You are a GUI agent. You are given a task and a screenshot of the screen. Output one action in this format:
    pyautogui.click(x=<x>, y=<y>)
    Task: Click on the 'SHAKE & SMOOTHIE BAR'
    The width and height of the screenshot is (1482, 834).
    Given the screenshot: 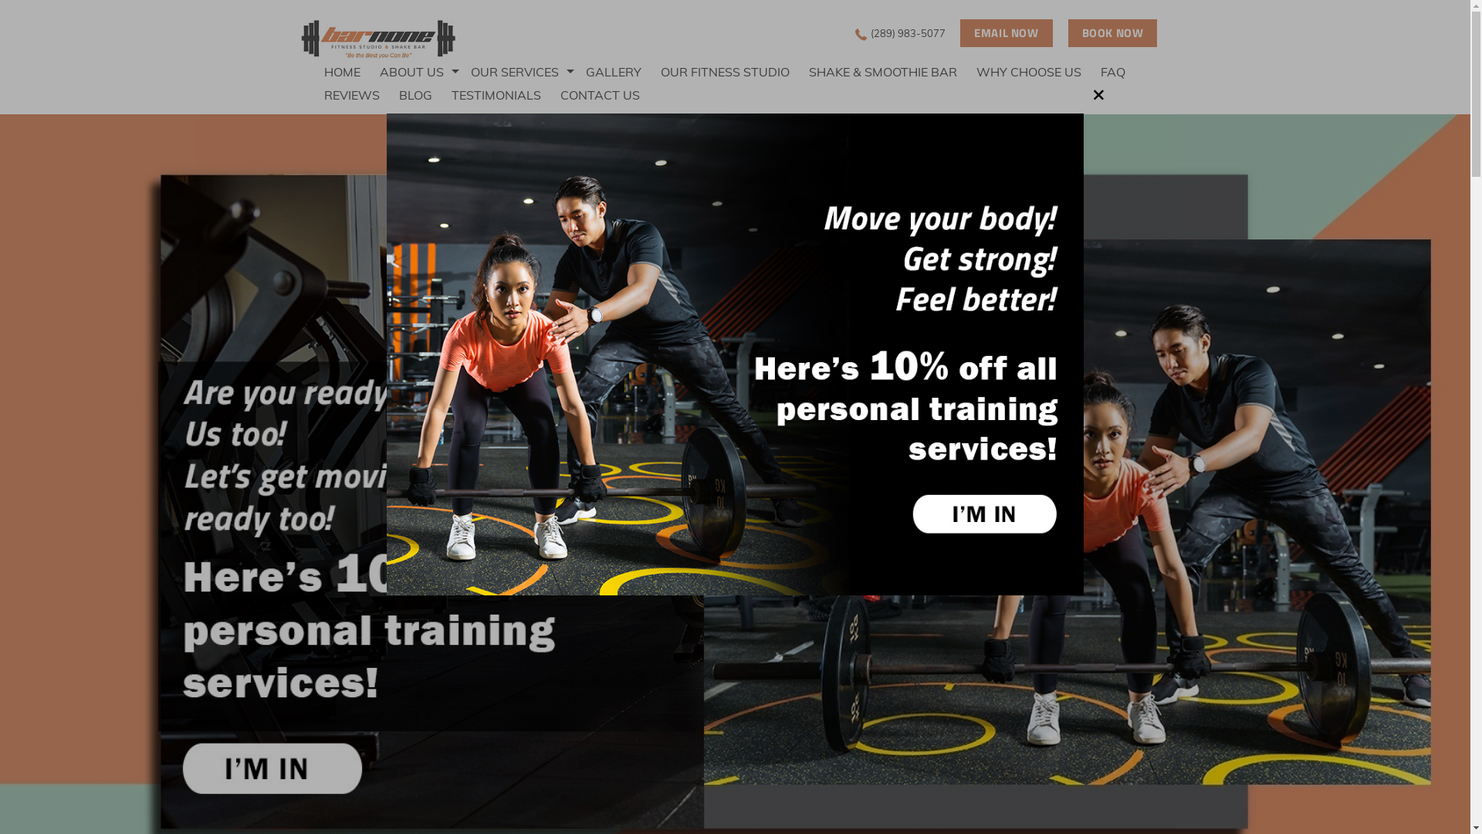 What is the action you would take?
    pyautogui.click(x=892, y=71)
    